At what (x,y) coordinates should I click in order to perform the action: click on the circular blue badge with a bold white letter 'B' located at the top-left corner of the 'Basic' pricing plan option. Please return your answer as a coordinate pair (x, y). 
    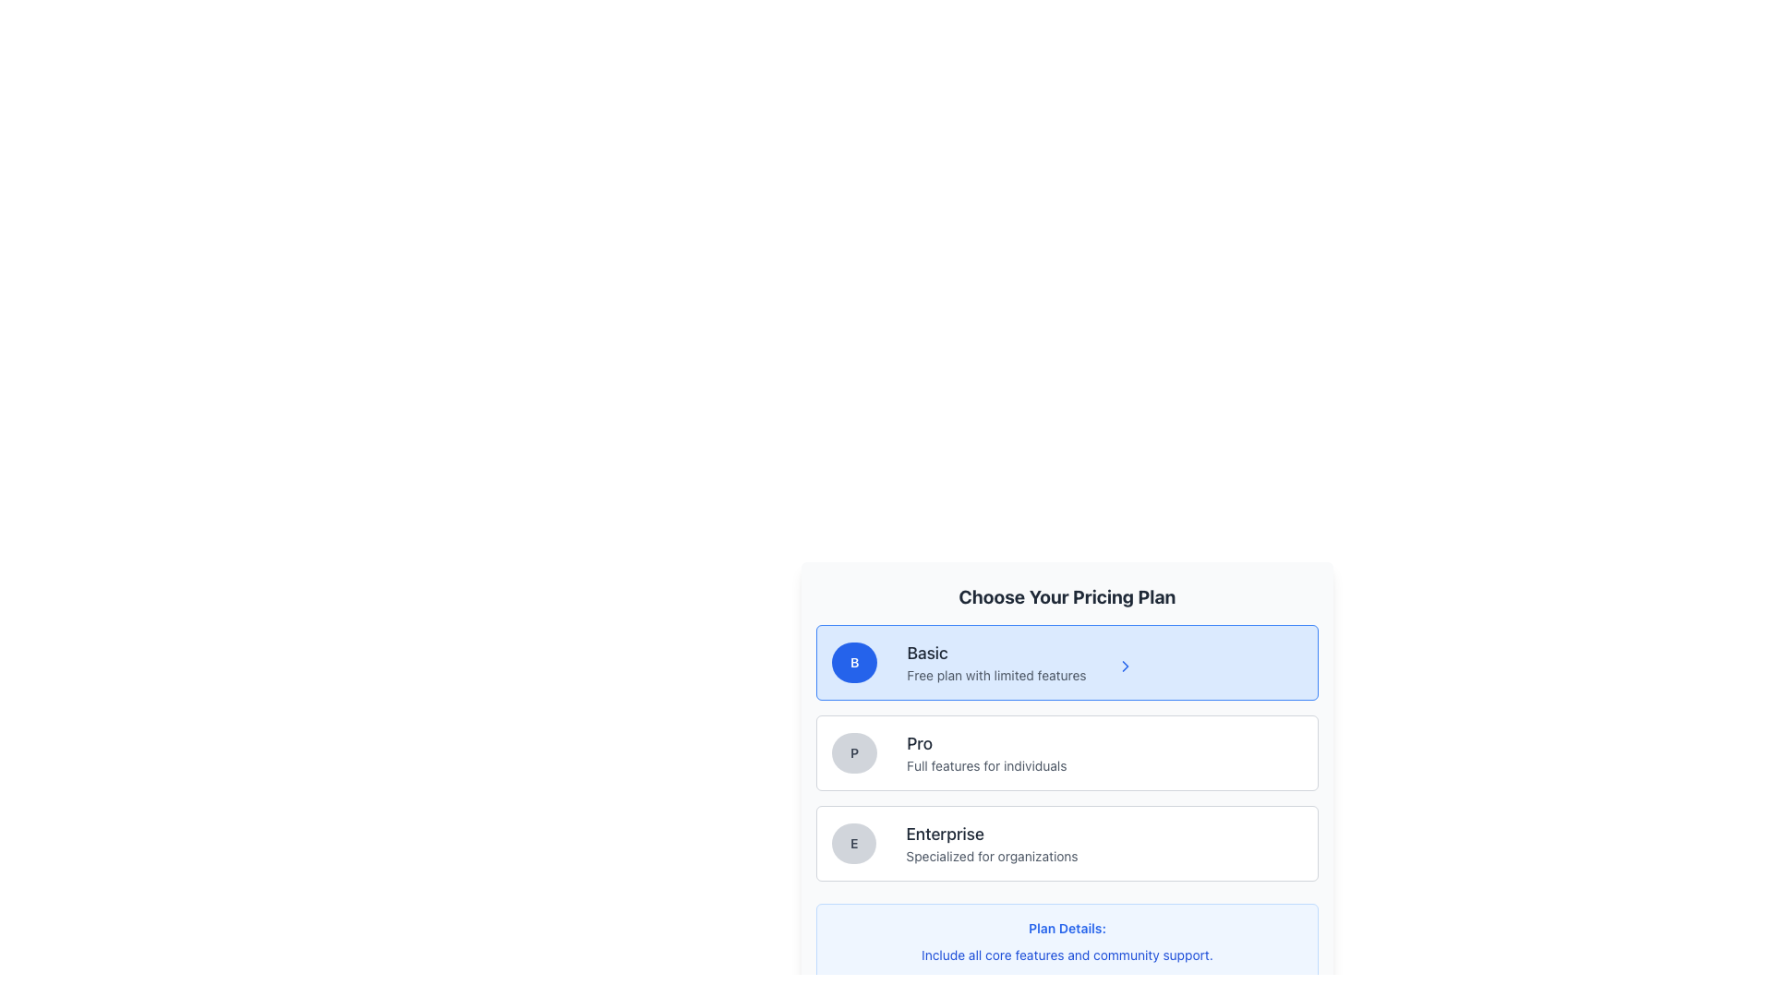
    Looking at the image, I should click on (853, 661).